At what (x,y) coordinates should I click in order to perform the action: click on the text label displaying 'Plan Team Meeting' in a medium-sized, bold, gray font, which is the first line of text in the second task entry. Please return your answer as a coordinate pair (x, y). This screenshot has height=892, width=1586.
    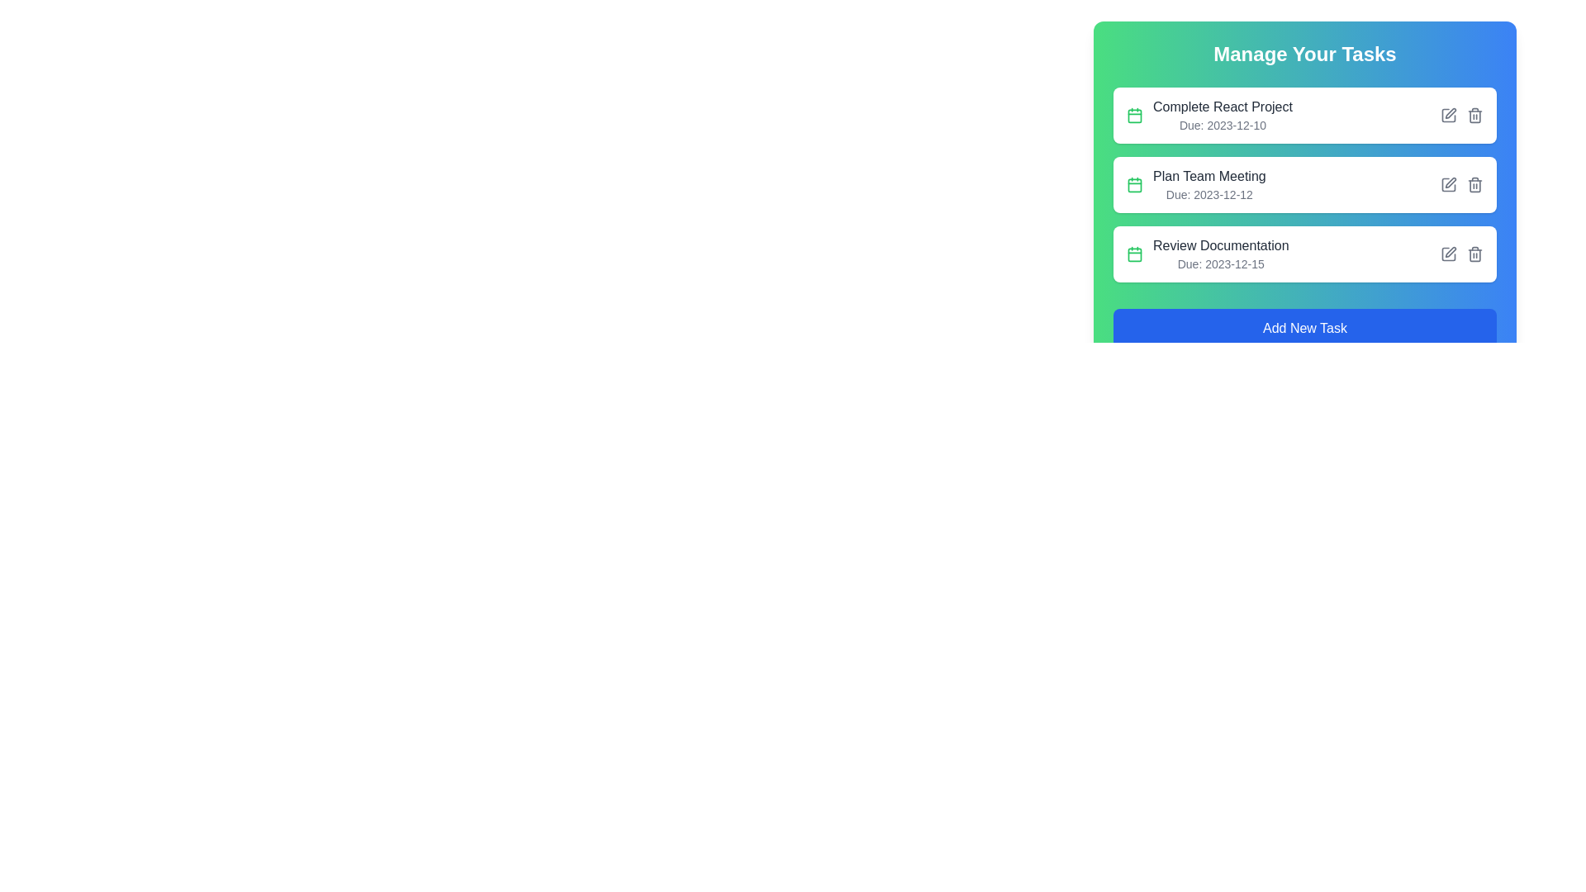
    Looking at the image, I should click on (1209, 176).